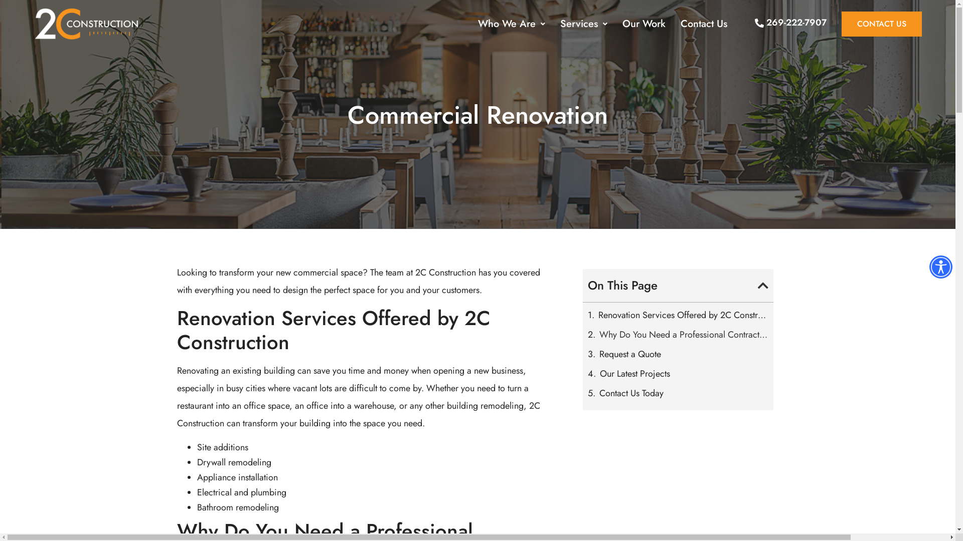 Image resolution: width=963 pixels, height=541 pixels. I want to click on 'Contact Us Today', so click(630, 393).